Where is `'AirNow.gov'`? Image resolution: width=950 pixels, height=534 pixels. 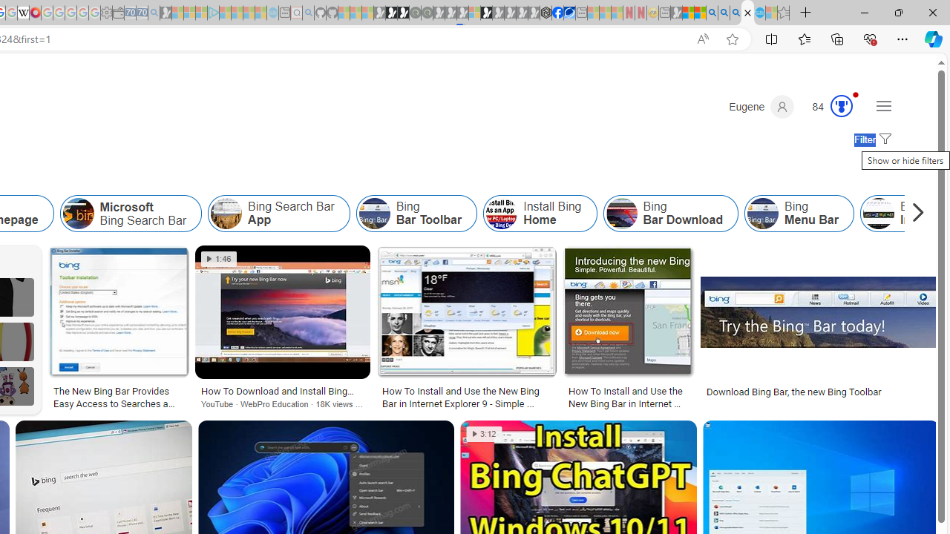 'AirNow.gov' is located at coordinates (569, 13).